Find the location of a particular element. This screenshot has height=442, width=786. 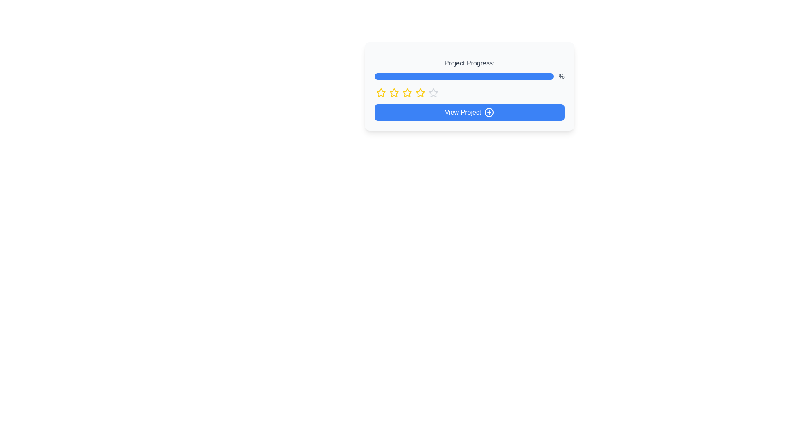

the first rating star icon, which is a yellow outlined star with a semi-transparent white fill is located at coordinates (381, 92).